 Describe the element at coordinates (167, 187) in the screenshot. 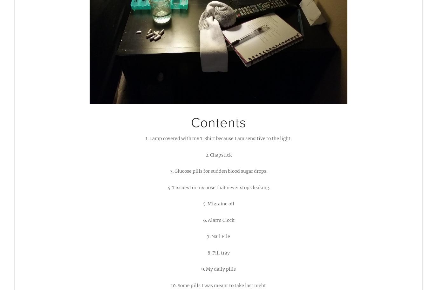

I see `'4. Tissues for my nose that never stops leaking.'` at that location.